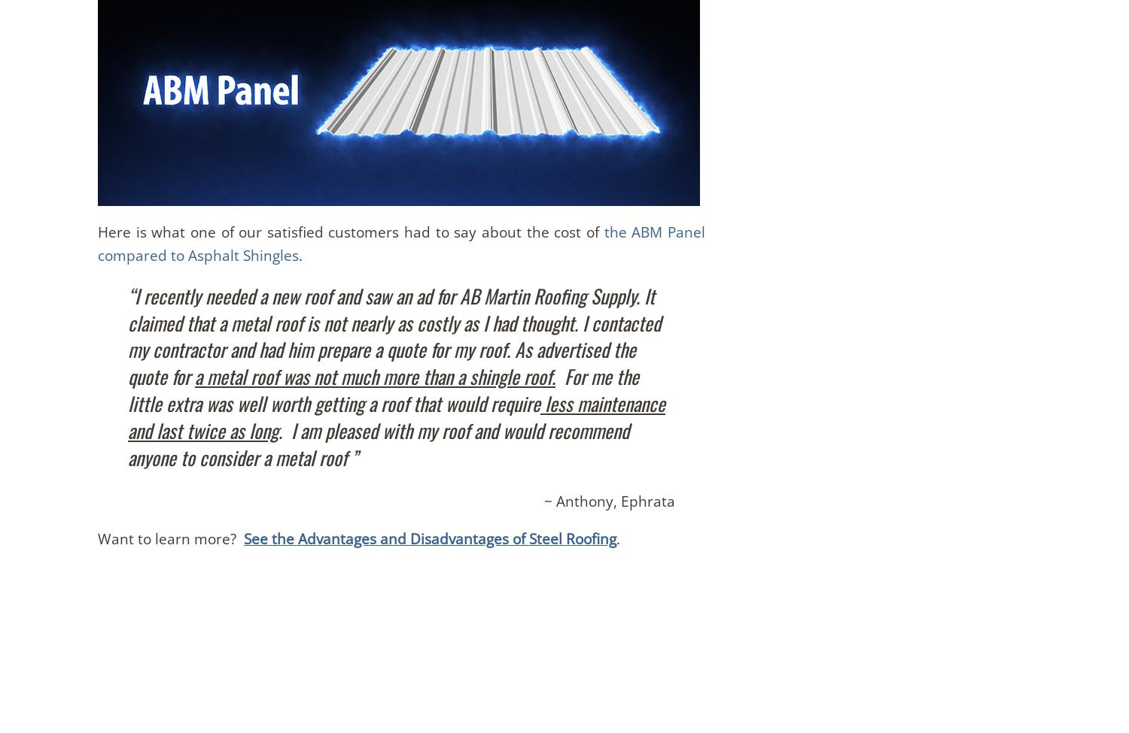 The width and height of the screenshot is (1129, 733). I want to click on 'a metal roof was not much more than a shingle roof.', so click(374, 374).